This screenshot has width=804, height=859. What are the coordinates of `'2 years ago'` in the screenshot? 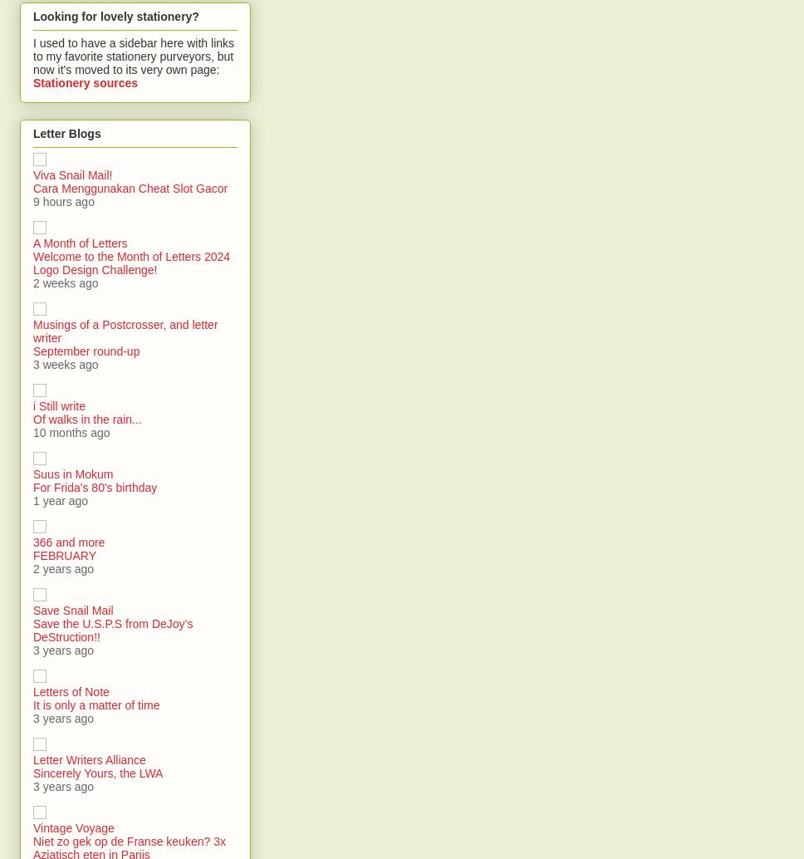 It's located at (62, 569).